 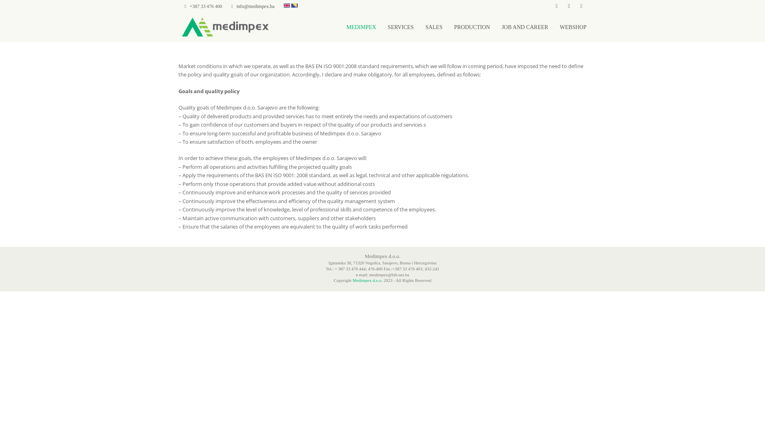 I want to click on 'LinkedIn', so click(x=576, y=6).